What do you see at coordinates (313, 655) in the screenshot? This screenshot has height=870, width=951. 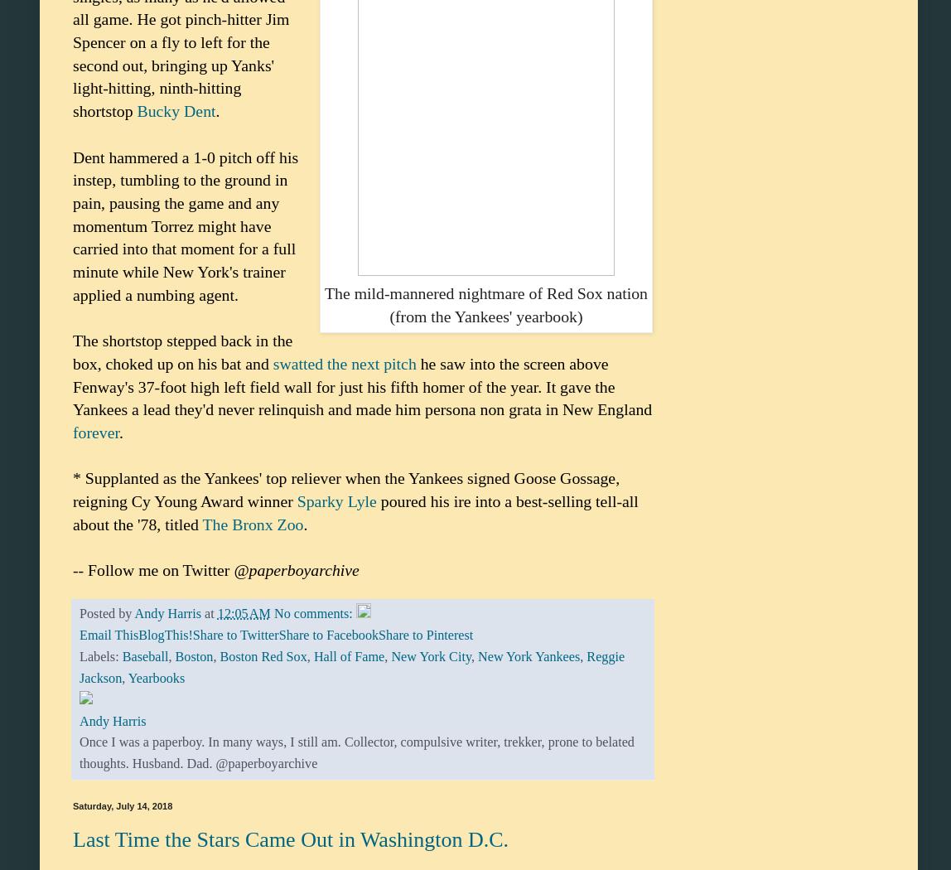 I see `'Hall of Fame'` at bounding box center [313, 655].